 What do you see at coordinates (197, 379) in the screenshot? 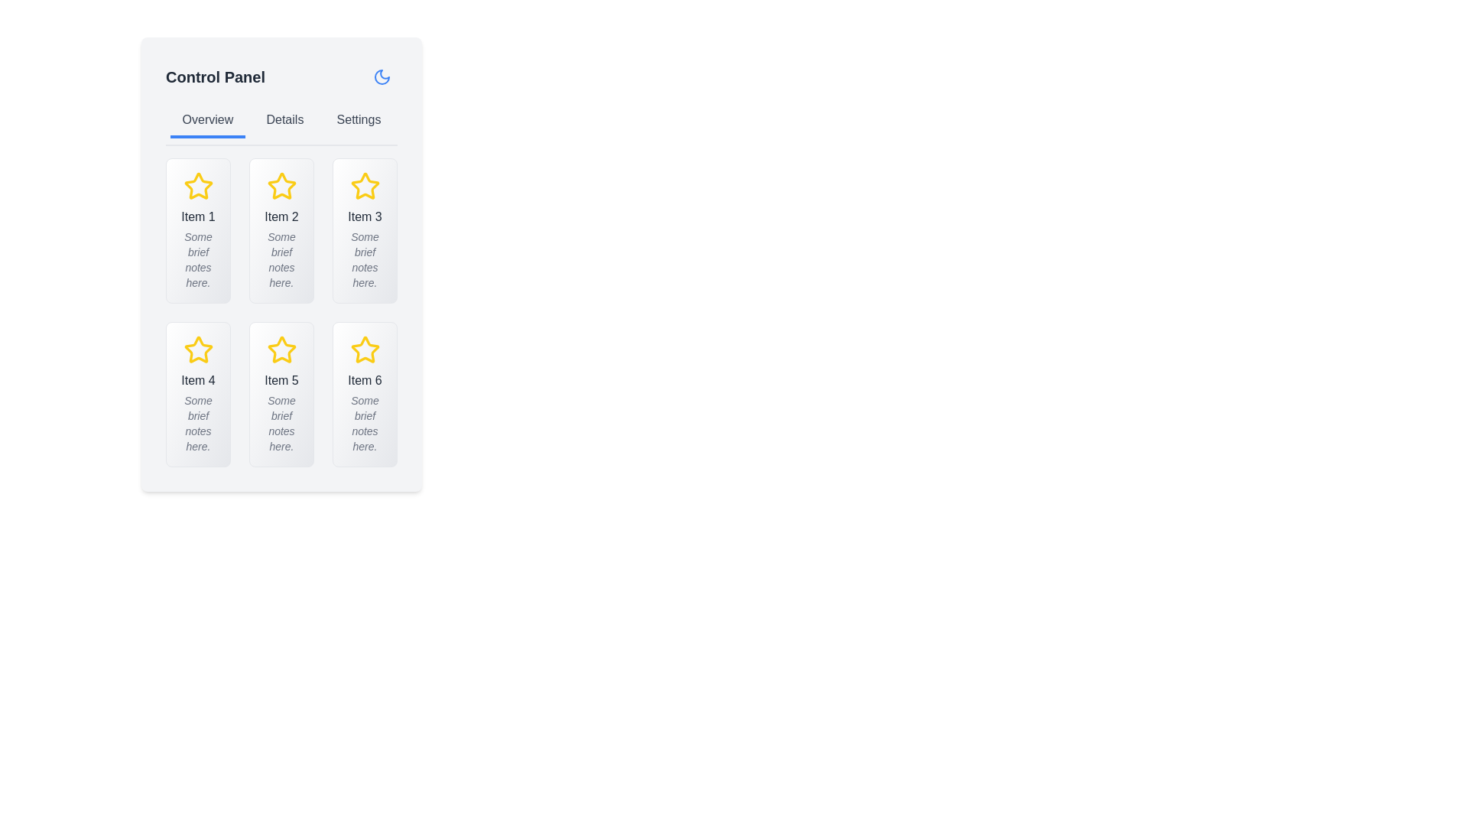
I see `the Text Display element that serves as a title or label for the associated item, positioned as the first row of the second column in the grid layout, below the star graphic and above the italic text` at bounding box center [197, 379].